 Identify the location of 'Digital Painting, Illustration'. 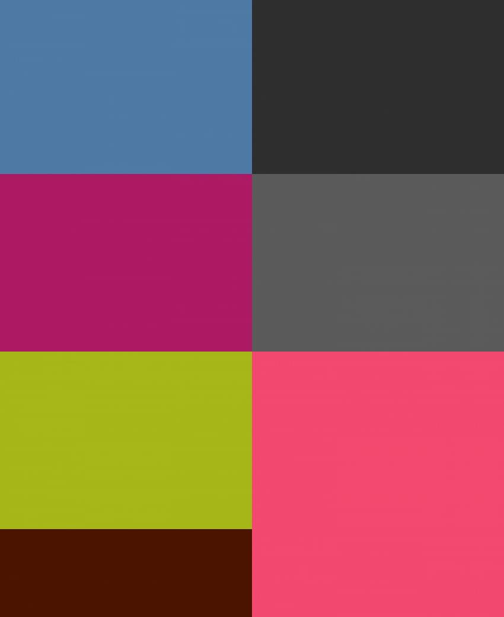
(86, 275).